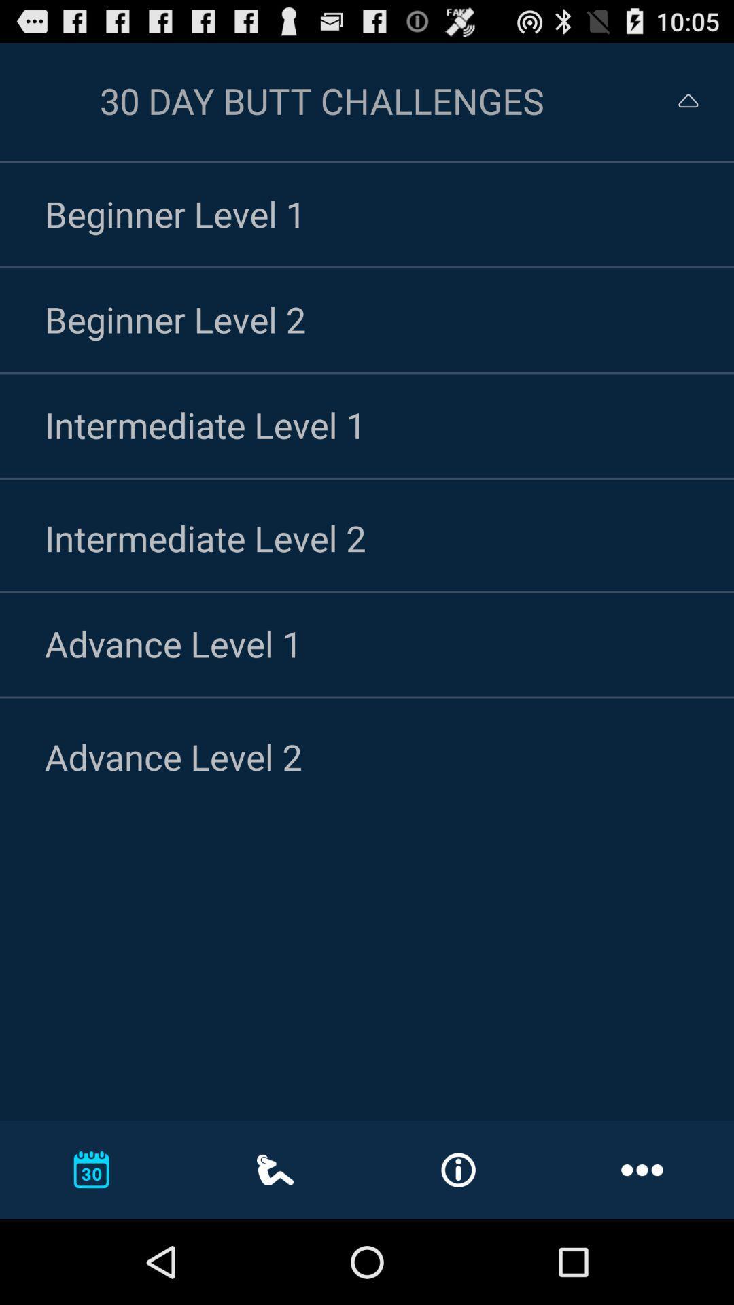  What do you see at coordinates (676, 100) in the screenshot?
I see `click expand option` at bounding box center [676, 100].